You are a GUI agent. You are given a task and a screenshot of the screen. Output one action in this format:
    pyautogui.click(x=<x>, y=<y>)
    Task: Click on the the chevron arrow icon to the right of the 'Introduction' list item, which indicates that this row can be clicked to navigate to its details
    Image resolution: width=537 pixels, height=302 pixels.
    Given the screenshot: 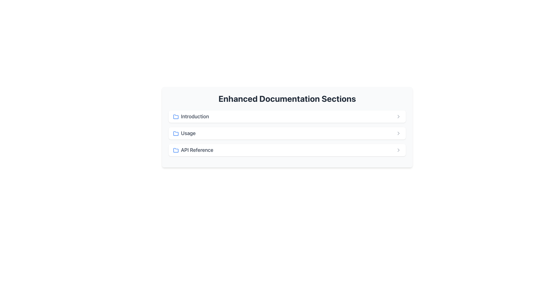 What is the action you would take?
    pyautogui.click(x=398, y=116)
    